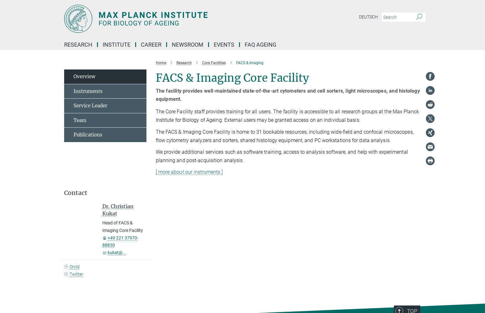 The height and width of the screenshot is (313, 485). Describe the element at coordinates (192, 138) in the screenshot. I see `'Matić'` at that location.